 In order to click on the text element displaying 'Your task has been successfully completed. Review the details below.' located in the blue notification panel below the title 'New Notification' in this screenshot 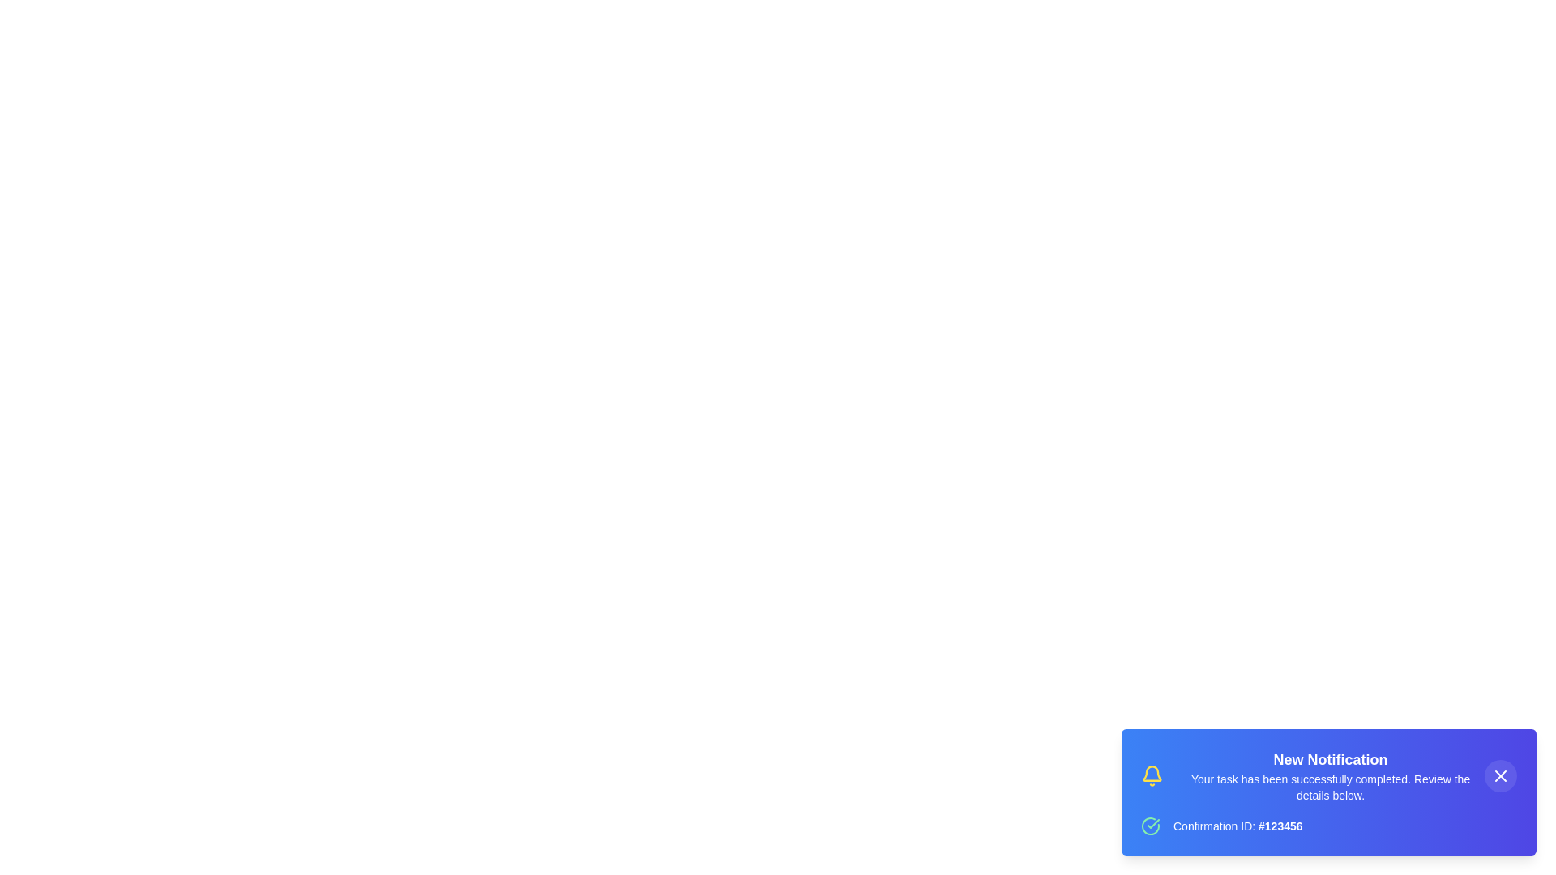, I will do `click(1330, 787)`.